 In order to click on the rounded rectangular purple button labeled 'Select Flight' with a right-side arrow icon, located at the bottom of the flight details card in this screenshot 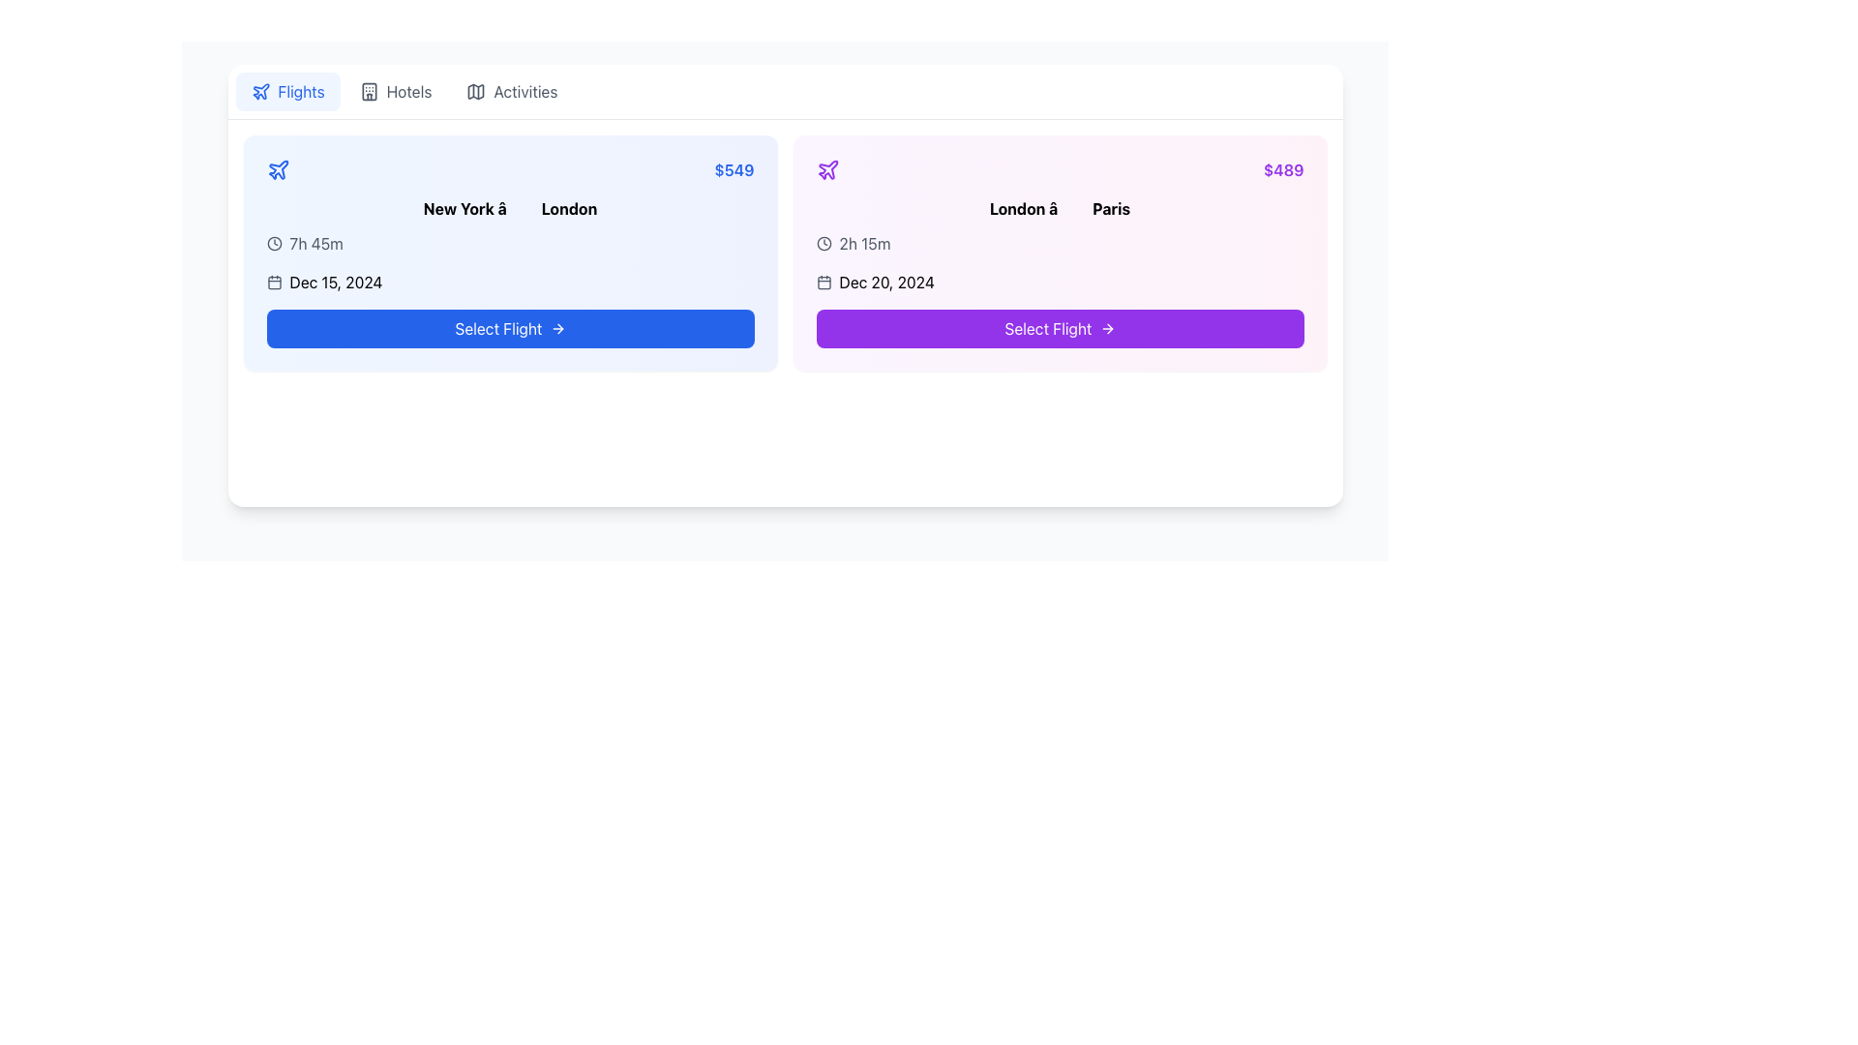, I will do `click(1059, 327)`.